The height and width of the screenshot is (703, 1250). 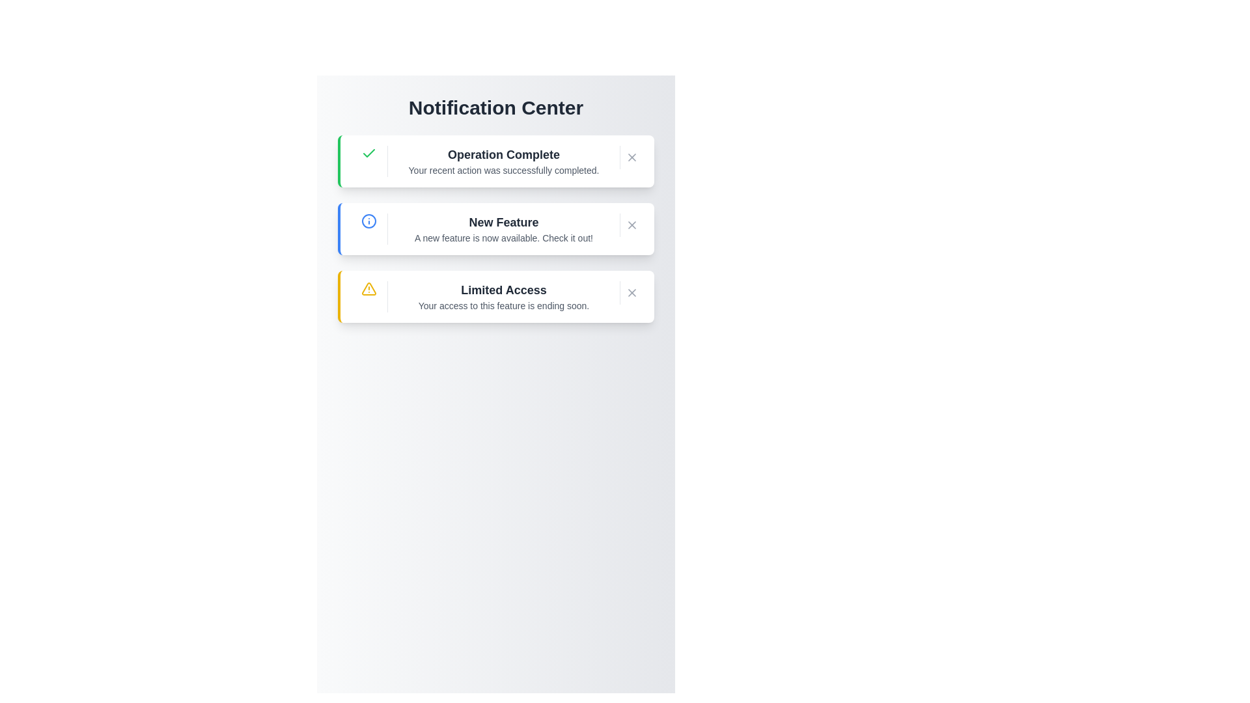 What do you see at coordinates (632, 225) in the screenshot?
I see `the close button located in the top-right corner of the 'New Feature' notification card` at bounding box center [632, 225].